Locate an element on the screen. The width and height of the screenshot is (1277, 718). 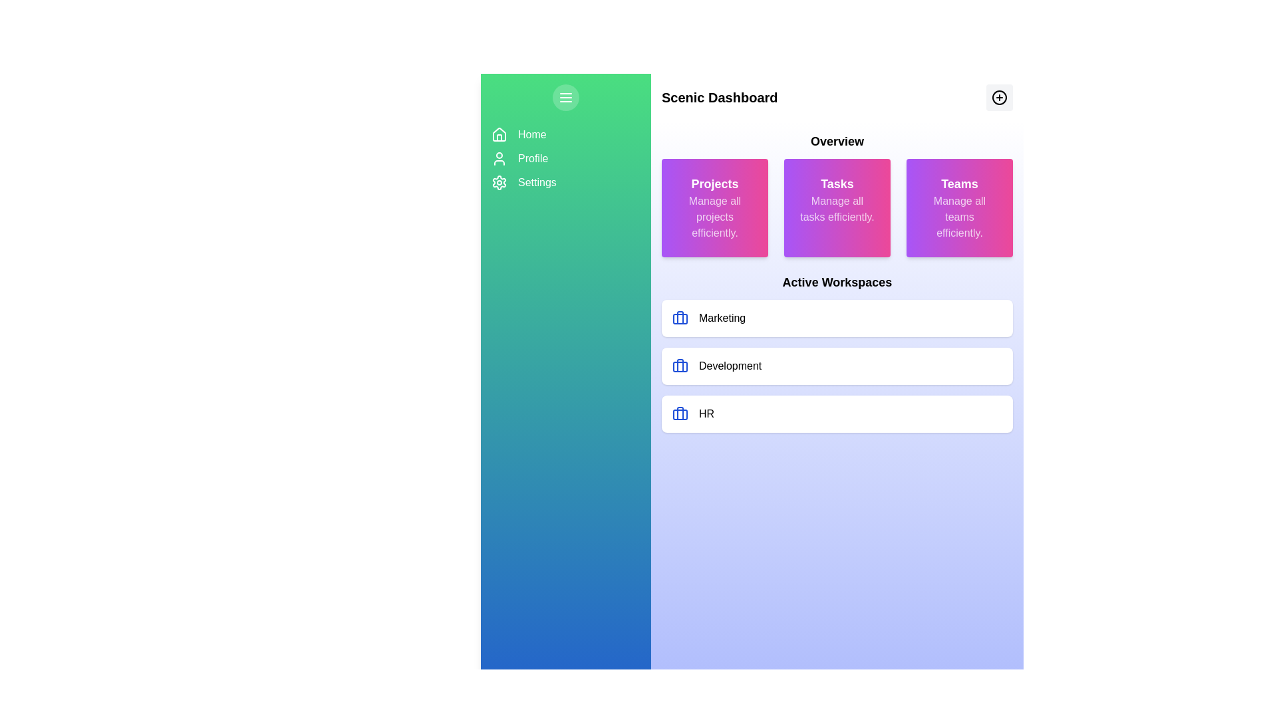
the blue briefcase SVG icon located in the lower part of the Active Workspaces section next to 'HR' is located at coordinates (680, 414).